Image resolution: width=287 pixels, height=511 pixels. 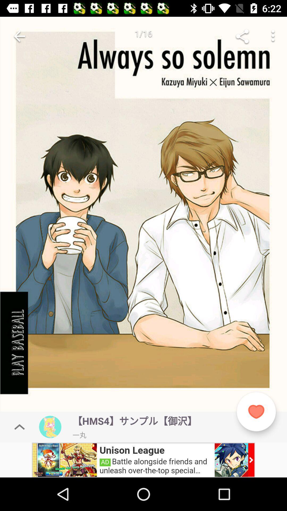 What do you see at coordinates (256, 411) in the screenshot?
I see `love` at bounding box center [256, 411].